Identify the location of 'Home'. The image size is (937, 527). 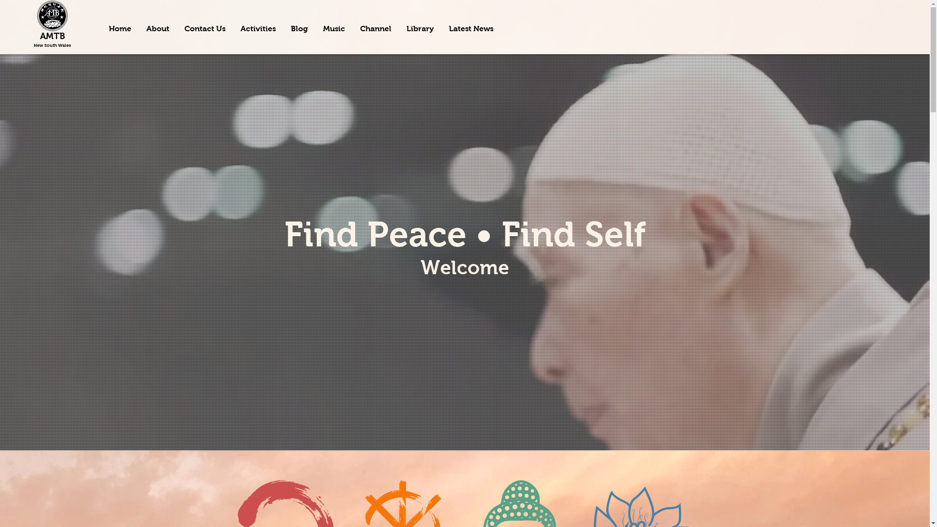
(119, 28).